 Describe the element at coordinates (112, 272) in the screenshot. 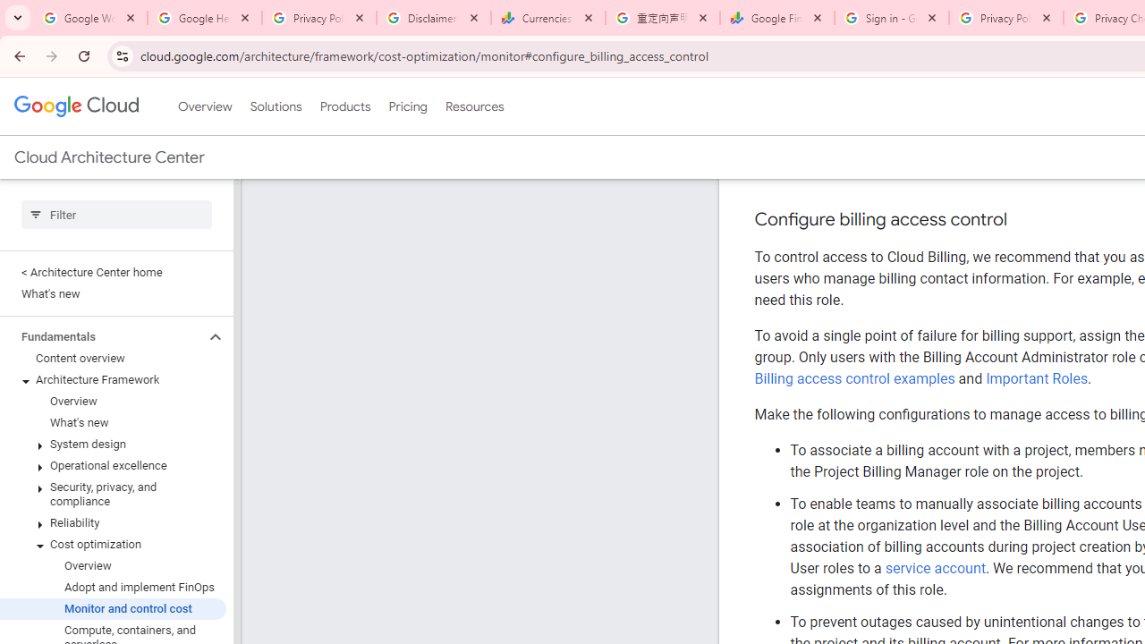

I see `'< Architecture Center home'` at that location.